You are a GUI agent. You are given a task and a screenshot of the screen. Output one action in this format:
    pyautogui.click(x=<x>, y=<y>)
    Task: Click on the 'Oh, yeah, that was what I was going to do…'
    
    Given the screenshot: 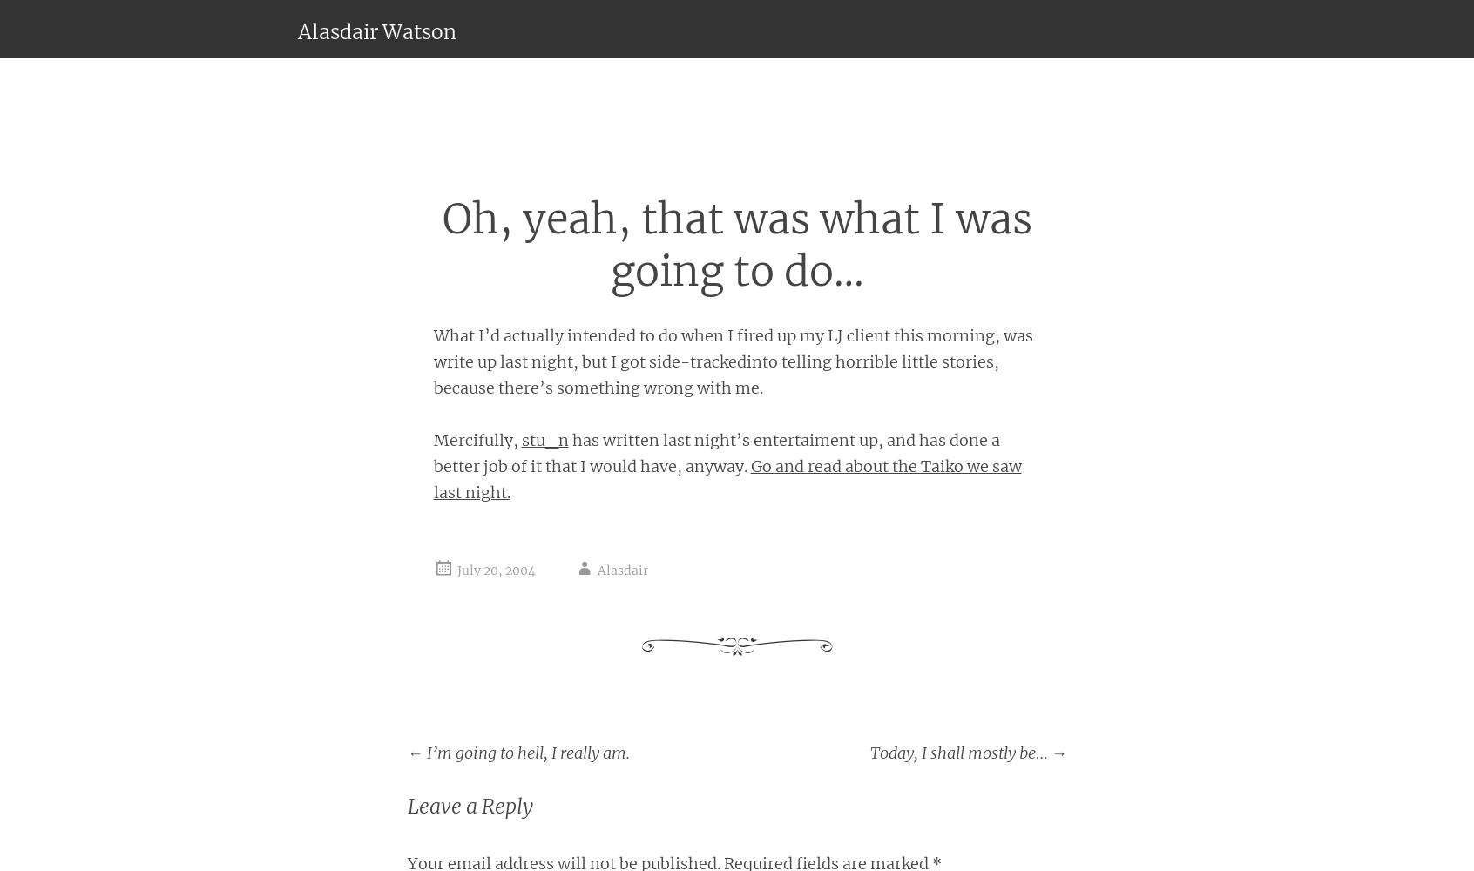 What is the action you would take?
    pyautogui.click(x=736, y=245)
    